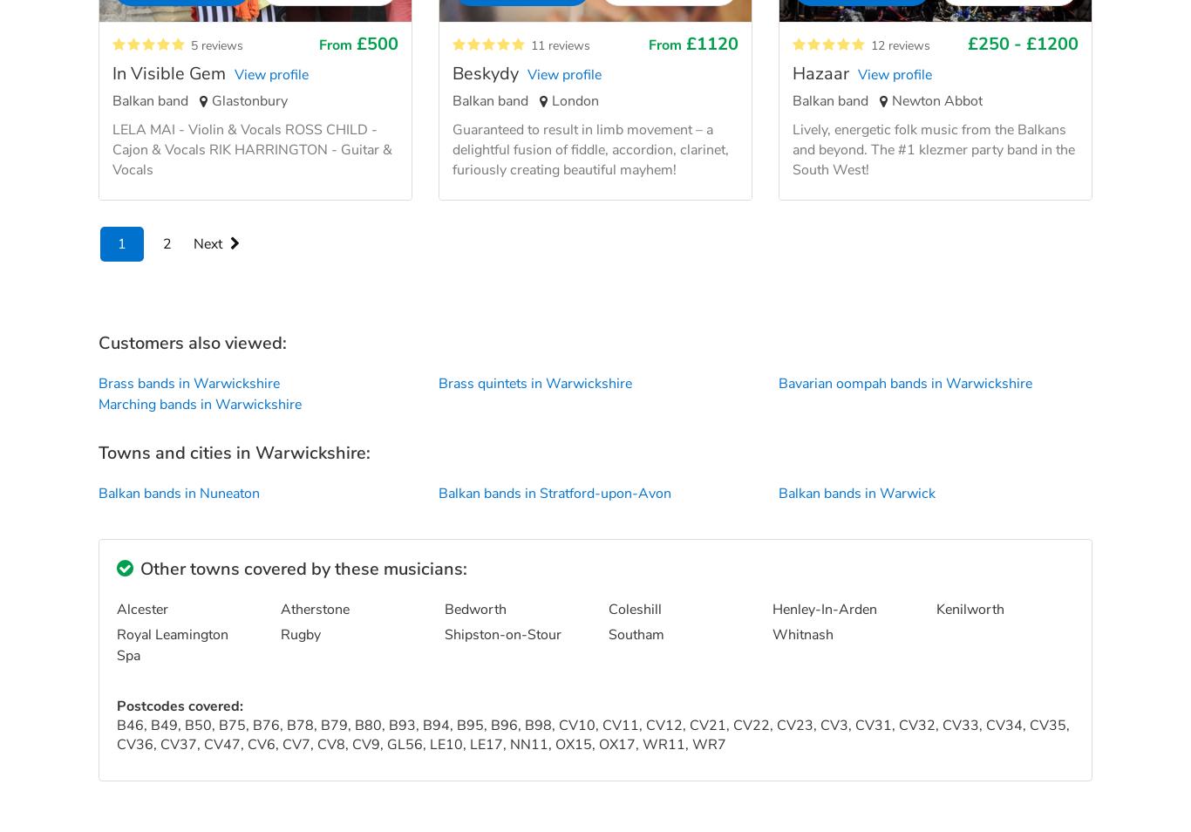 This screenshot has height=832, width=1191. What do you see at coordinates (300, 634) in the screenshot?
I see `'Rugby'` at bounding box center [300, 634].